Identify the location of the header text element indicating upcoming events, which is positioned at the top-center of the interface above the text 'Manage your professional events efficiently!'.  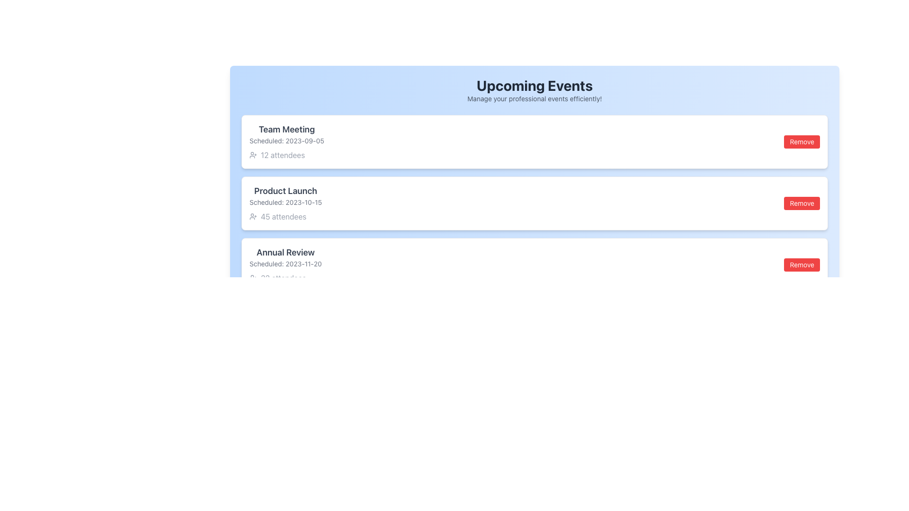
(535, 86).